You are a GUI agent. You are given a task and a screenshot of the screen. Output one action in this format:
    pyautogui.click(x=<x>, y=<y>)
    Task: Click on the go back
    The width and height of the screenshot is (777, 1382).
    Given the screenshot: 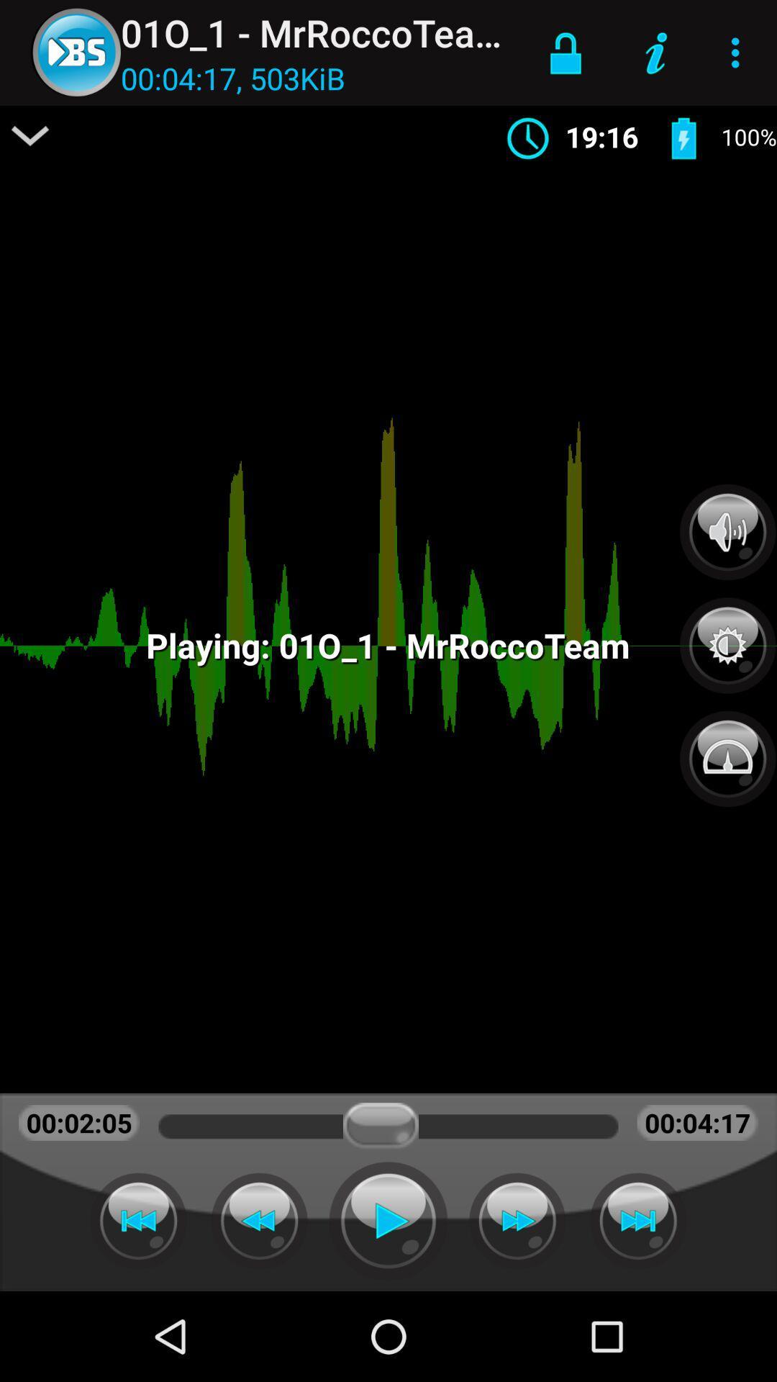 What is the action you would take?
    pyautogui.click(x=259, y=1220)
    